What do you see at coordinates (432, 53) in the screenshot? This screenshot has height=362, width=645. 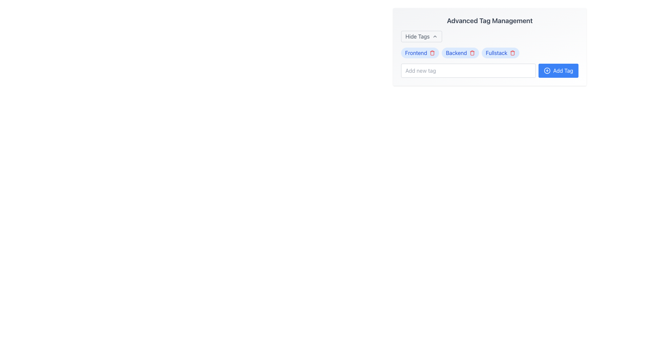 I see `the delete icon located to the right of the 'Frontend' tag within the blue shaded rounded rectangle in the 'Advanced Tag Management' section` at bounding box center [432, 53].